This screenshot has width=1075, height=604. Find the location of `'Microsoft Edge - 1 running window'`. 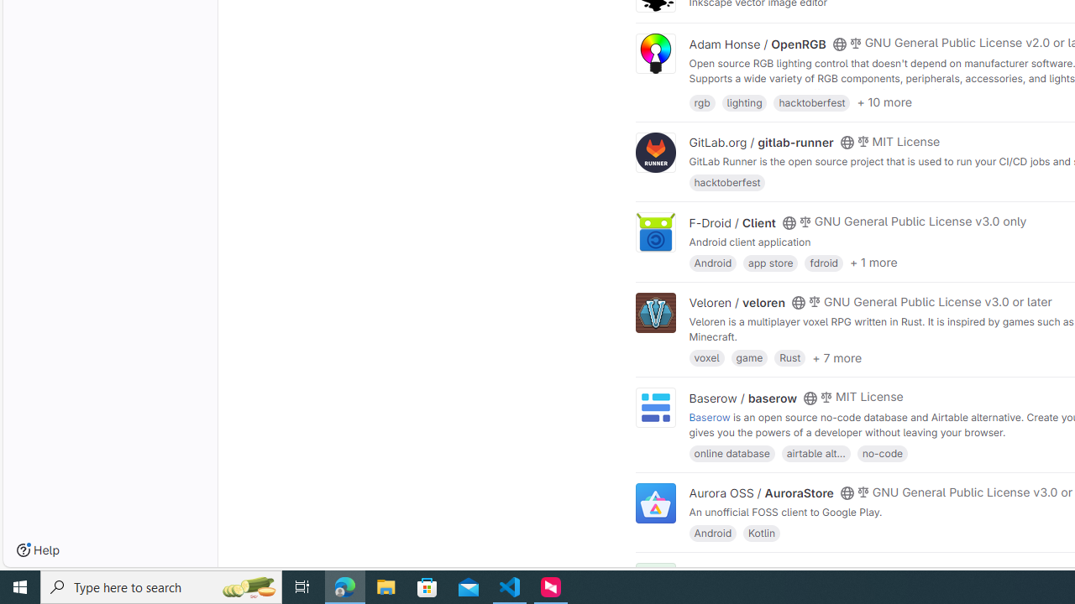

'Microsoft Edge - 1 running window' is located at coordinates (344, 586).